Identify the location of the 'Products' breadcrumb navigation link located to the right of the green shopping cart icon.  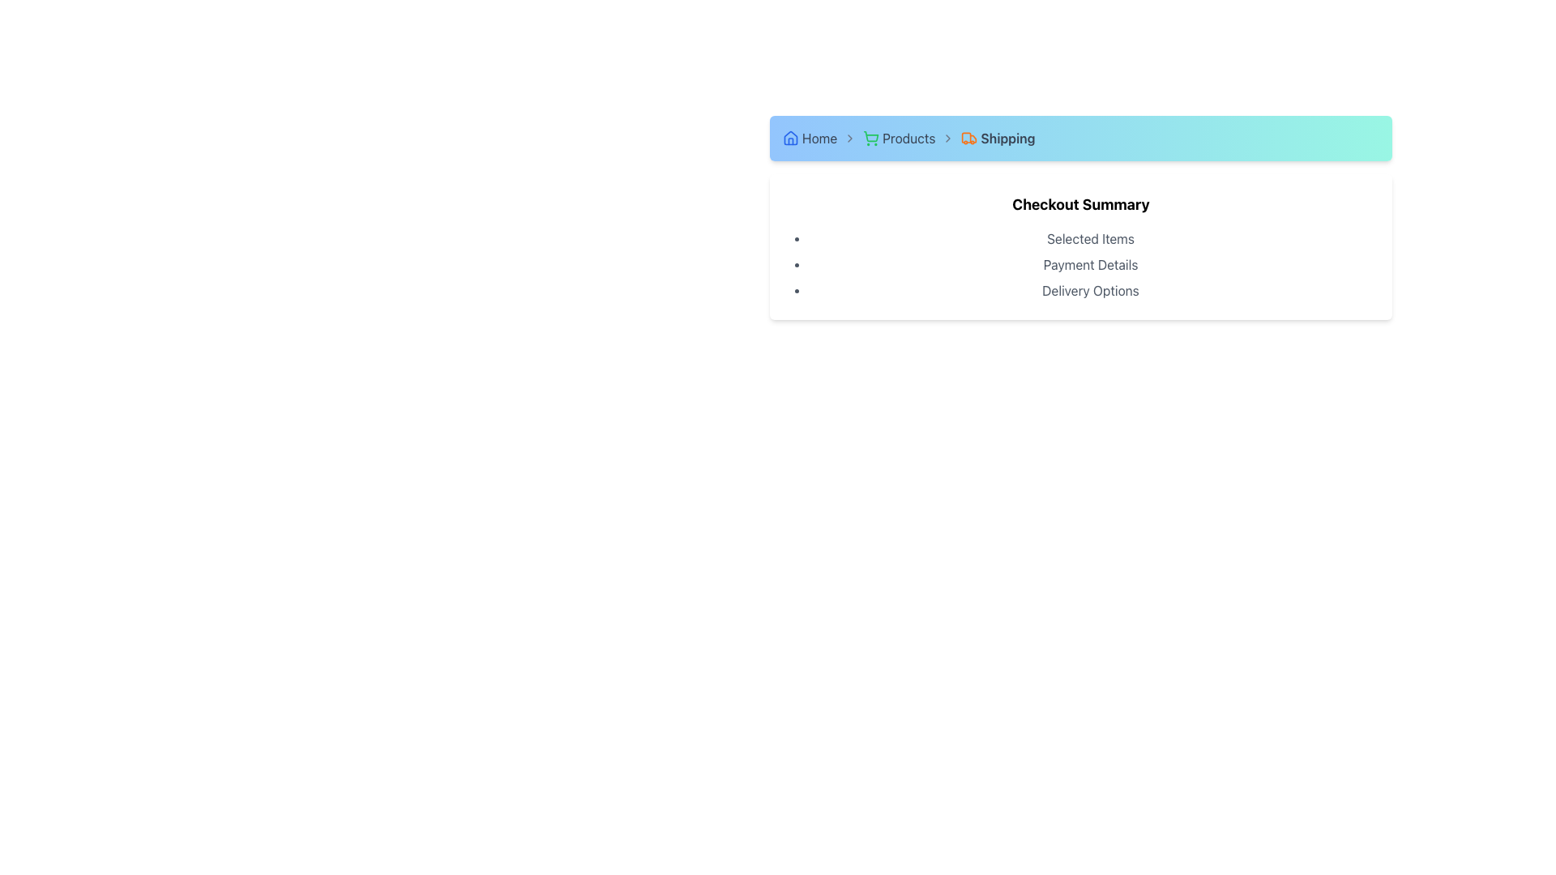
(908, 137).